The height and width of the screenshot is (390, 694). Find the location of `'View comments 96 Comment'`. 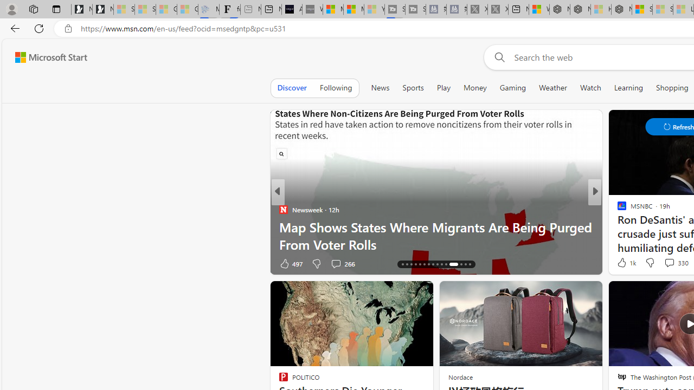

'View comments 96 Comment' is located at coordinates (669, 263).